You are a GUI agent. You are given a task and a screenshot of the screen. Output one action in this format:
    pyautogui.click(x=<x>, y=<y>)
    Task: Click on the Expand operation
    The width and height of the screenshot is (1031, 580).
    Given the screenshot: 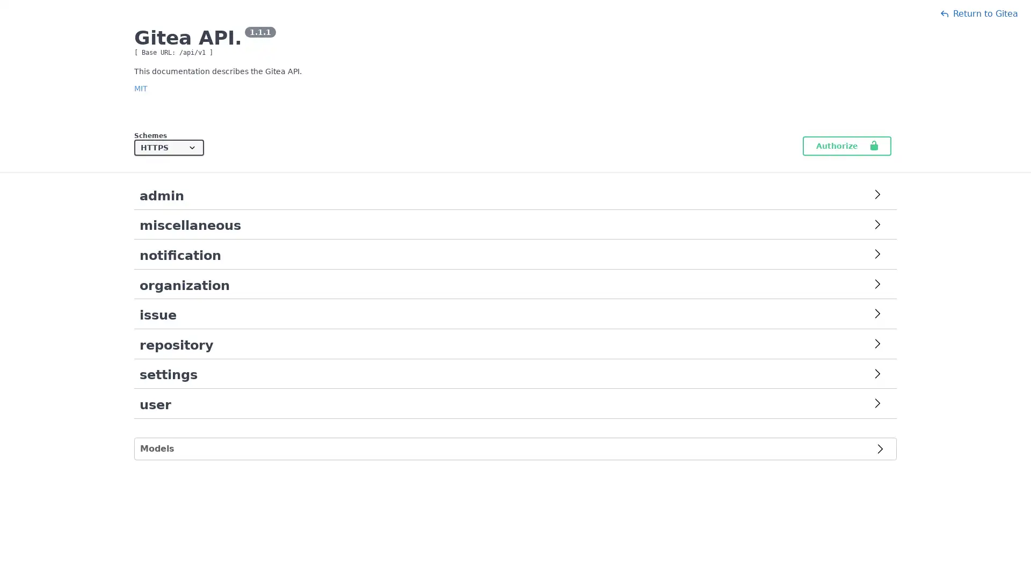 What is the action you would take?
    pyautogui.click(x=877, y=374)
    